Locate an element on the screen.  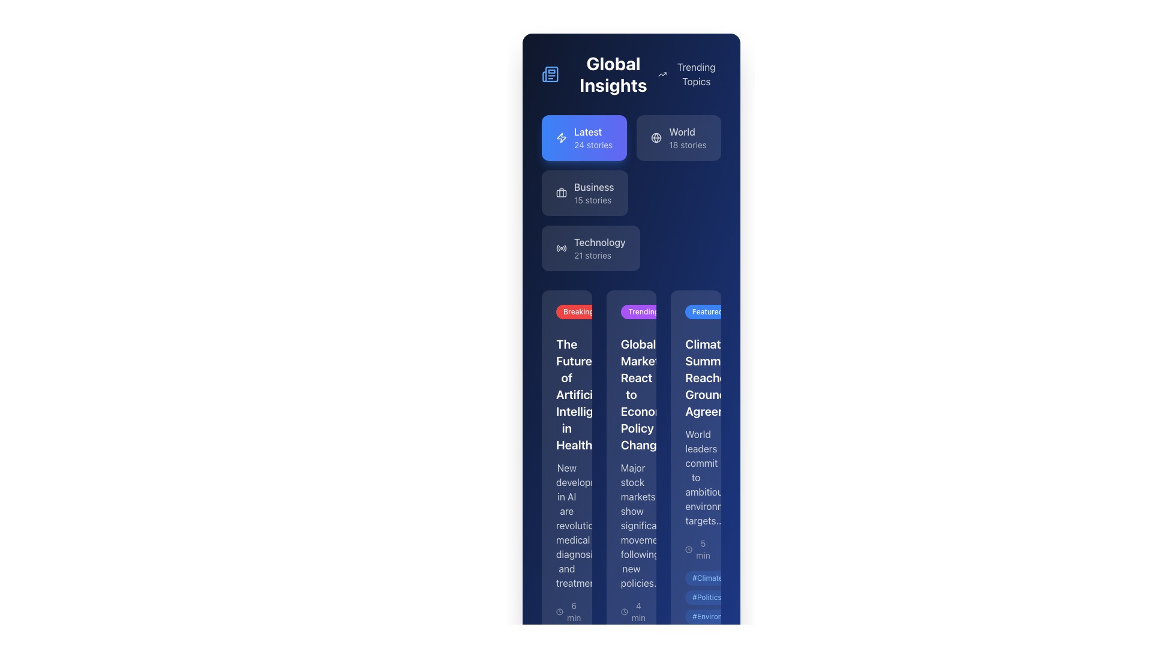
the content of the label displaying the estimated reading time located in the bottom-left corner of the first column of vertically stacked content blocks is located at coordinates (568, 611).